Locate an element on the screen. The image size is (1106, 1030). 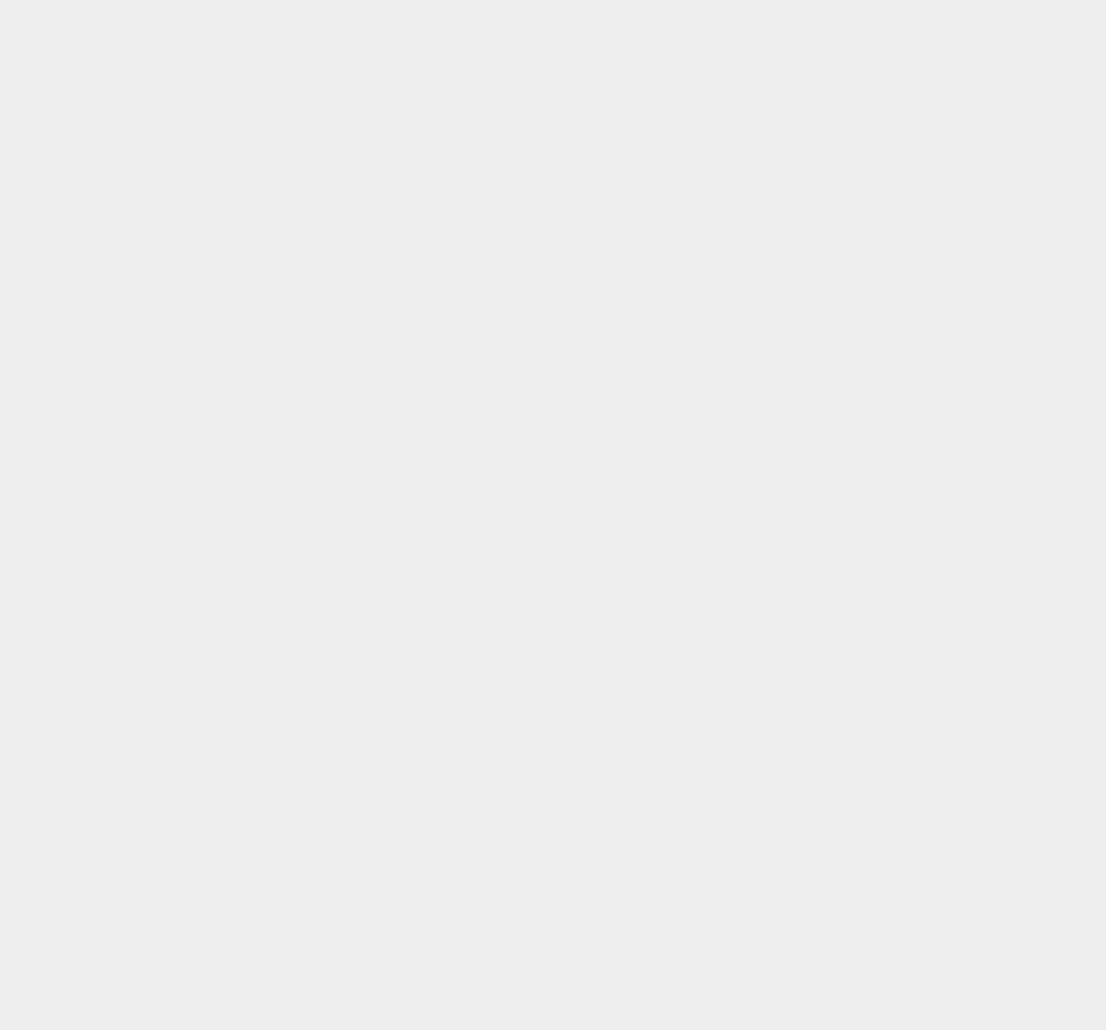
'Lockerz' is located at coordinates (781, 893).